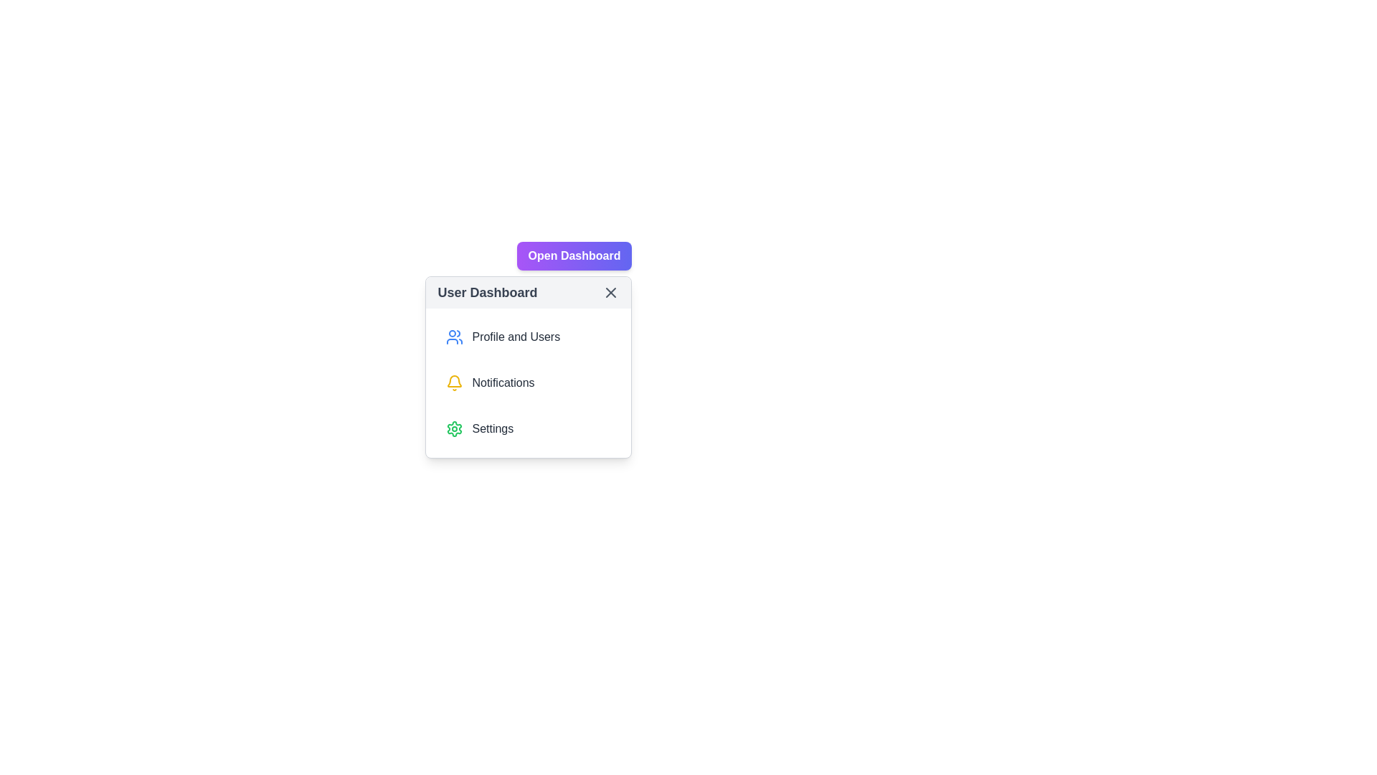 This screenshot has width=1377, height=775. What do you see at coordinates (454, 337) in the screenshot?
I see `the Profile and Users icon, which is the first element in the menu option on the dashboard, located to the left of the text 'Profile and Users'` at bounding box center [454, 337].